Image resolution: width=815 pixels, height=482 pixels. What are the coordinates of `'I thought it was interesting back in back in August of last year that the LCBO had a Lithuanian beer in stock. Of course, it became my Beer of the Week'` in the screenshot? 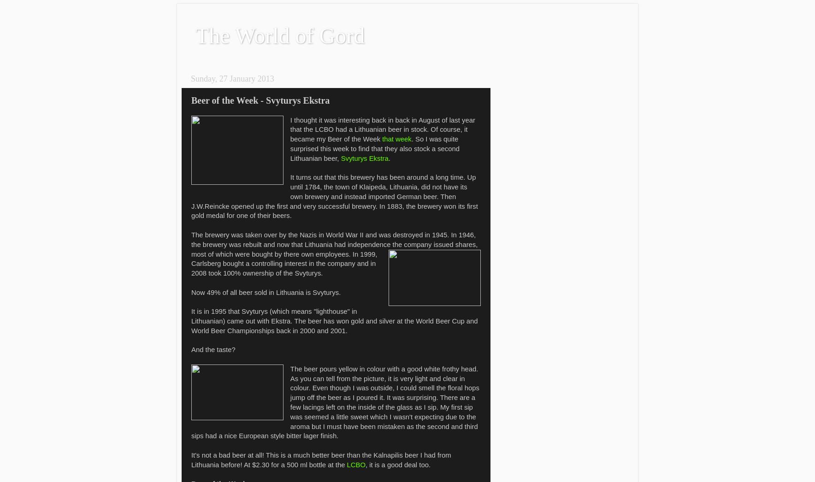 It's located at (289, 129).